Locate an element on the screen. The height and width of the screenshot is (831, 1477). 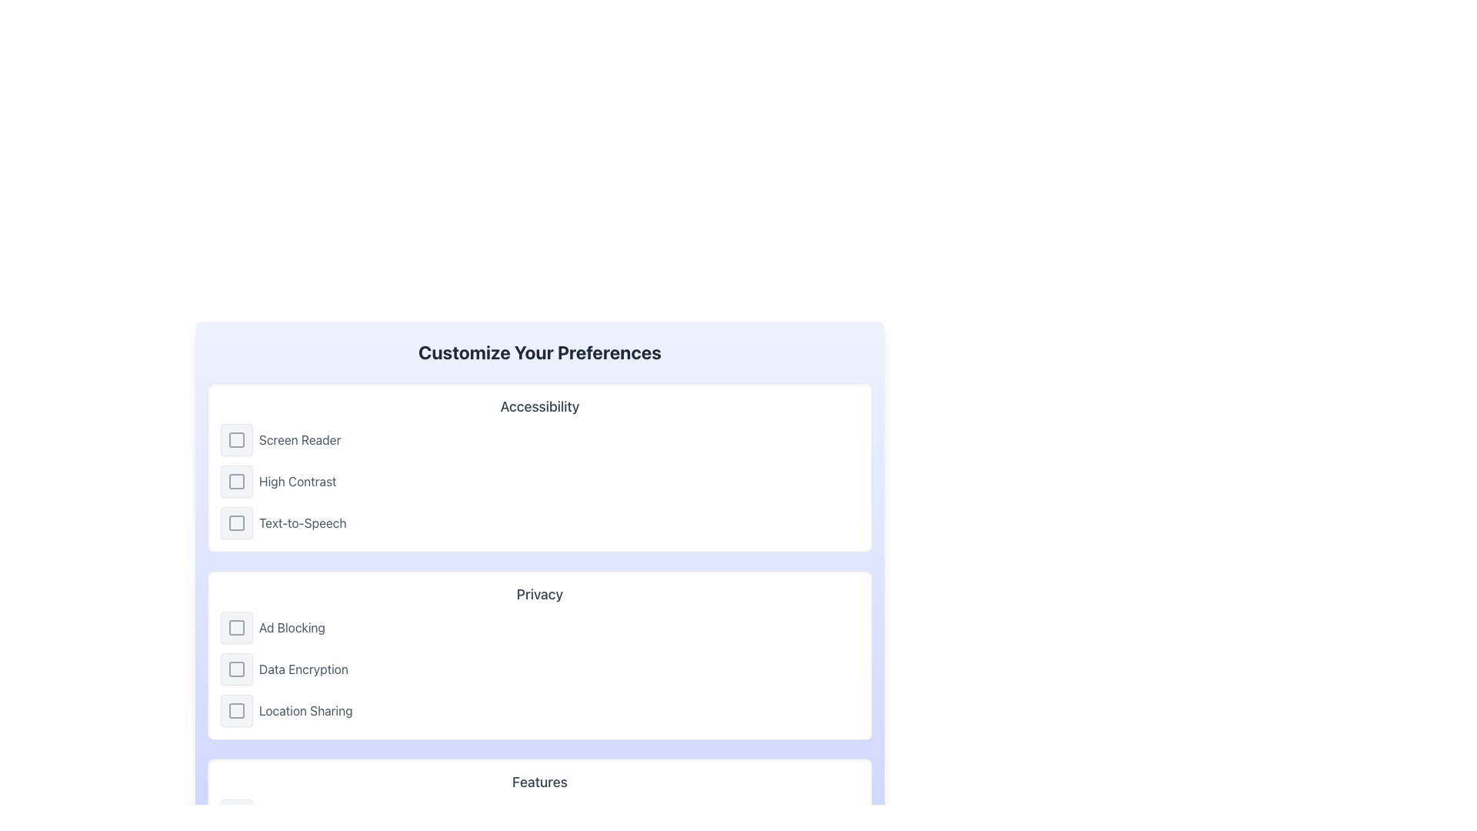
the light gray Checkbox located in the 'Privacy' section, which is positioned to the left of the 'Ad Blocking' text is located at coordinates (235, 628).